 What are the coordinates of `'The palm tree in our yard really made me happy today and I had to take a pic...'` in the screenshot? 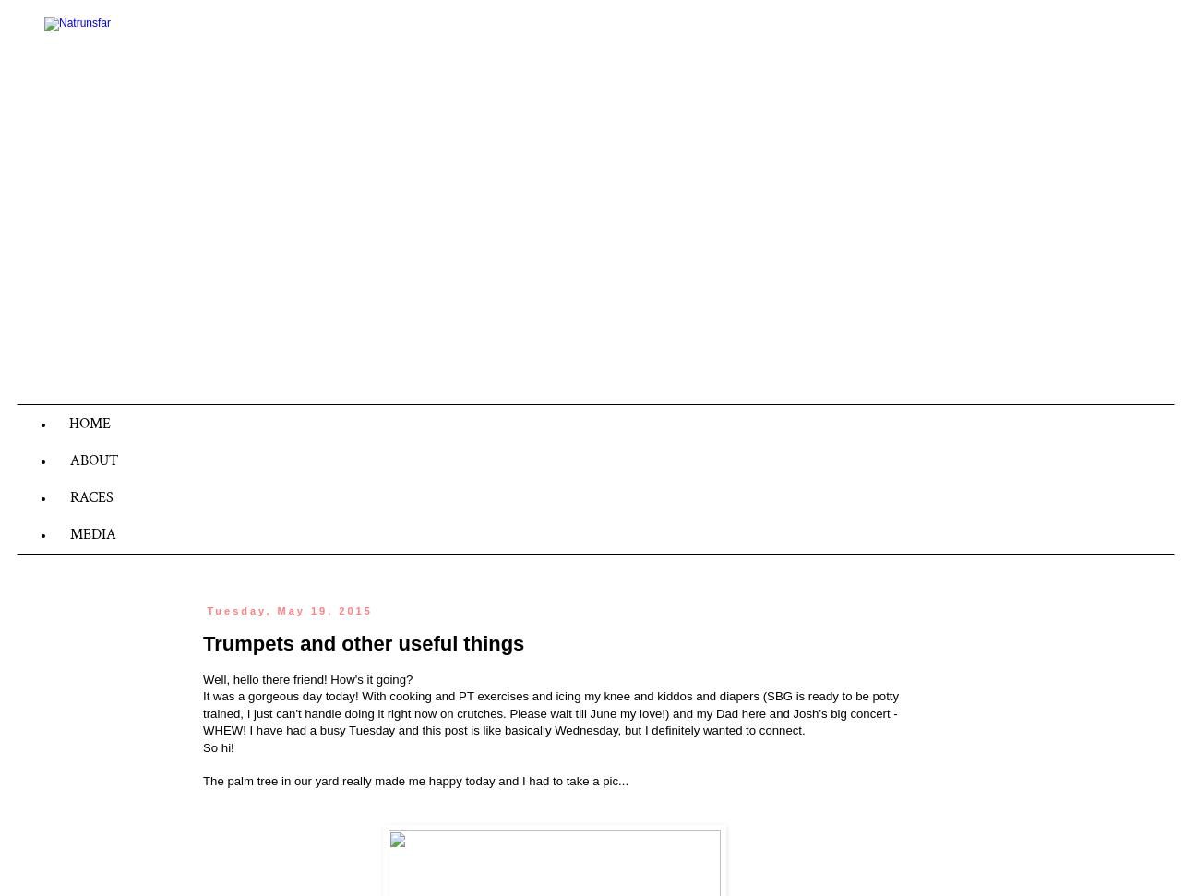 It's located at (414, 780).